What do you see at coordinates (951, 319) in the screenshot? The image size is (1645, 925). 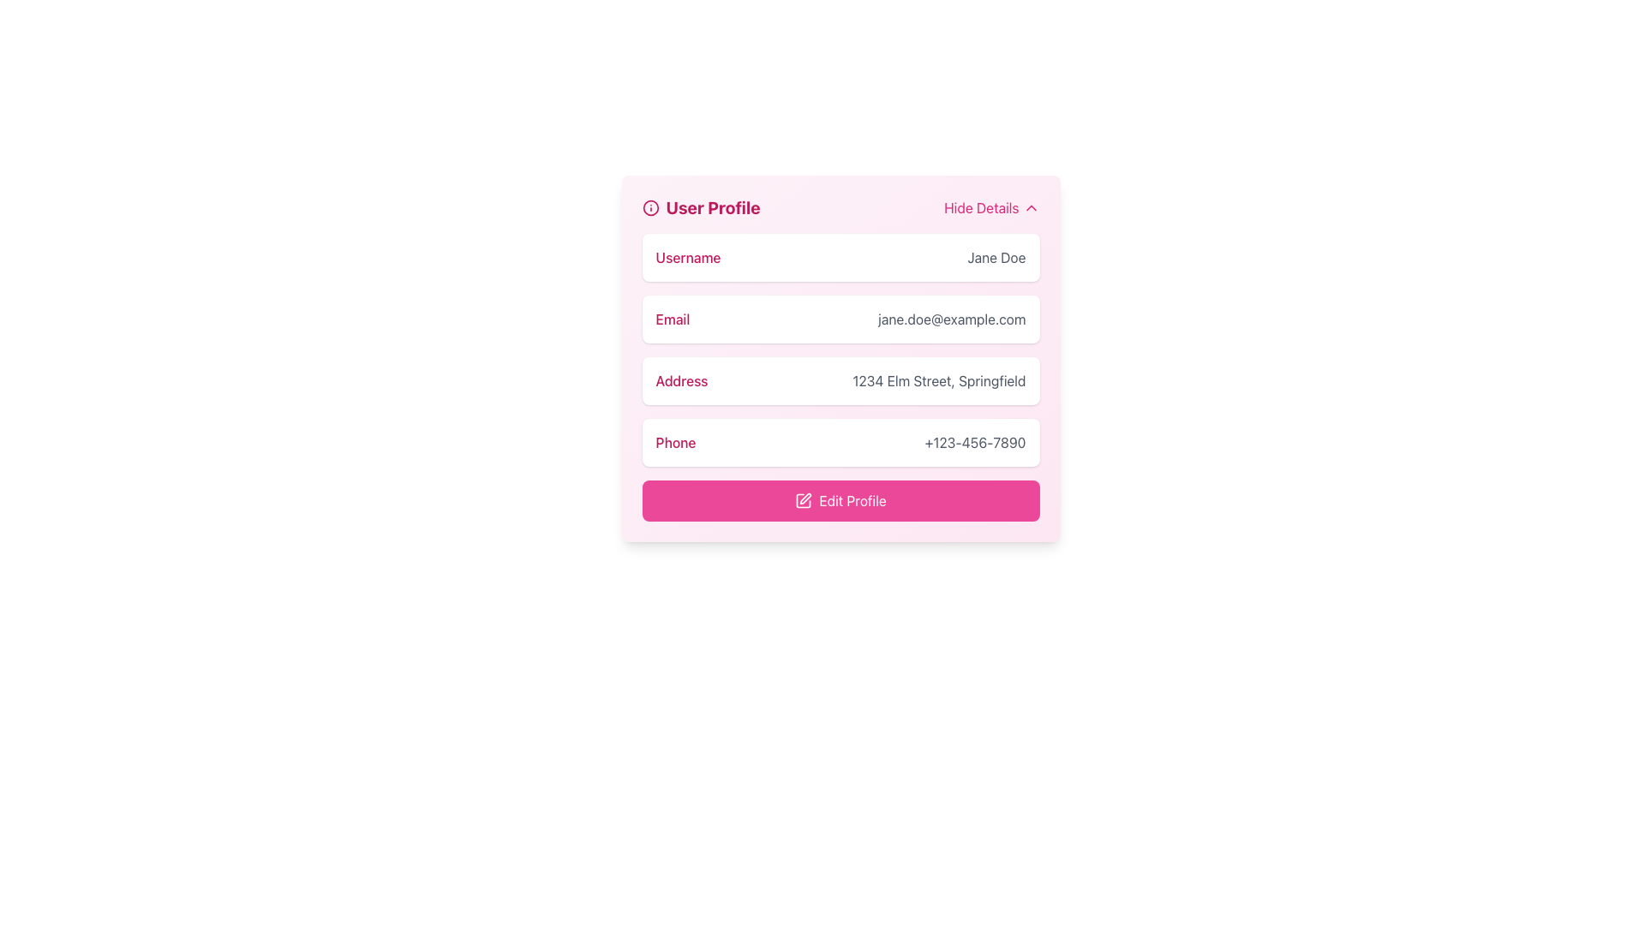 I see `the Text Display element that shows the email 'jane.doe@example.com' in gray font, located on the right side of the 'Email' label` at bounding box center [951, 319].